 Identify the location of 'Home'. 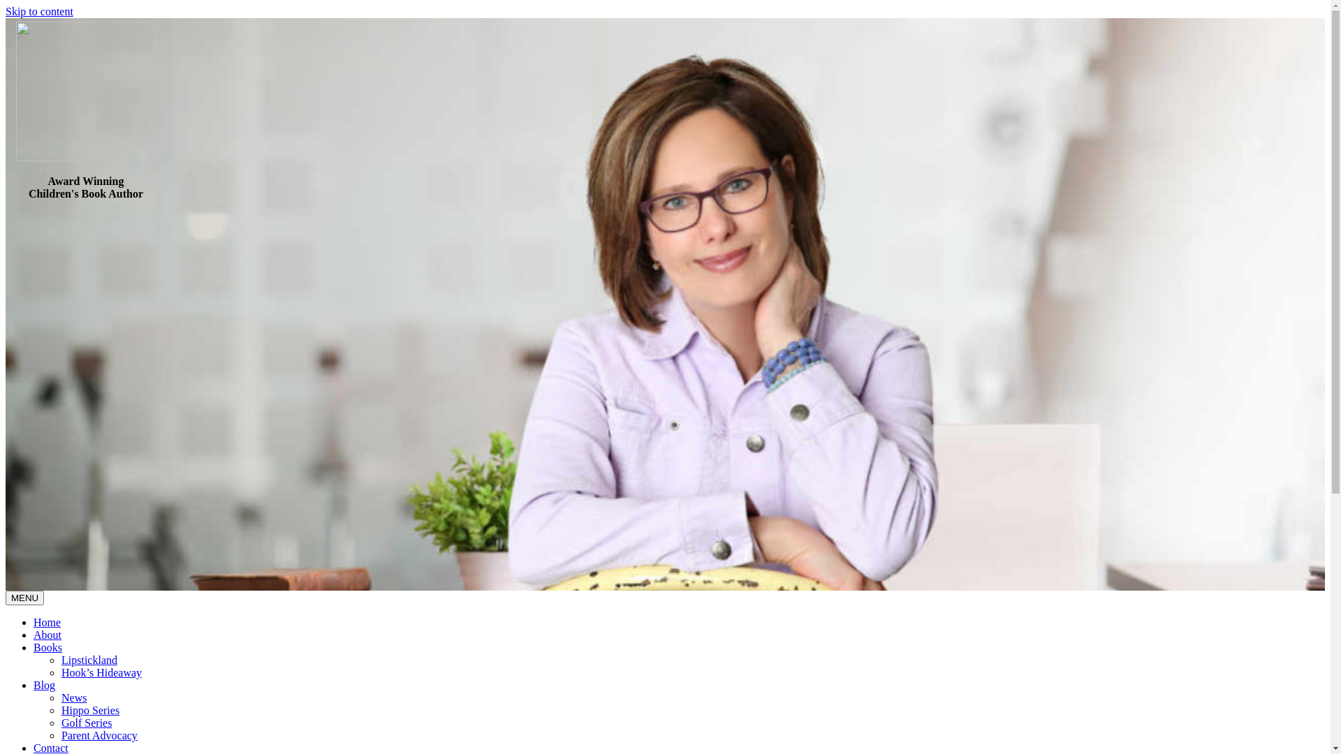
(34, 621).